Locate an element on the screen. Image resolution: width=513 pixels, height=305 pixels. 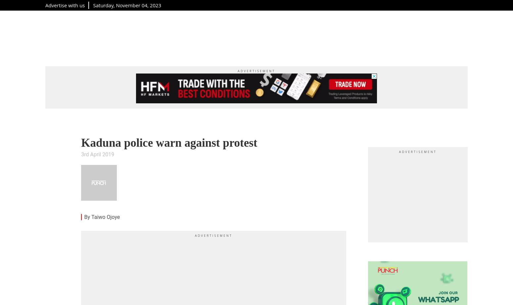
'Podcast' is located at coordinates (434, 37).